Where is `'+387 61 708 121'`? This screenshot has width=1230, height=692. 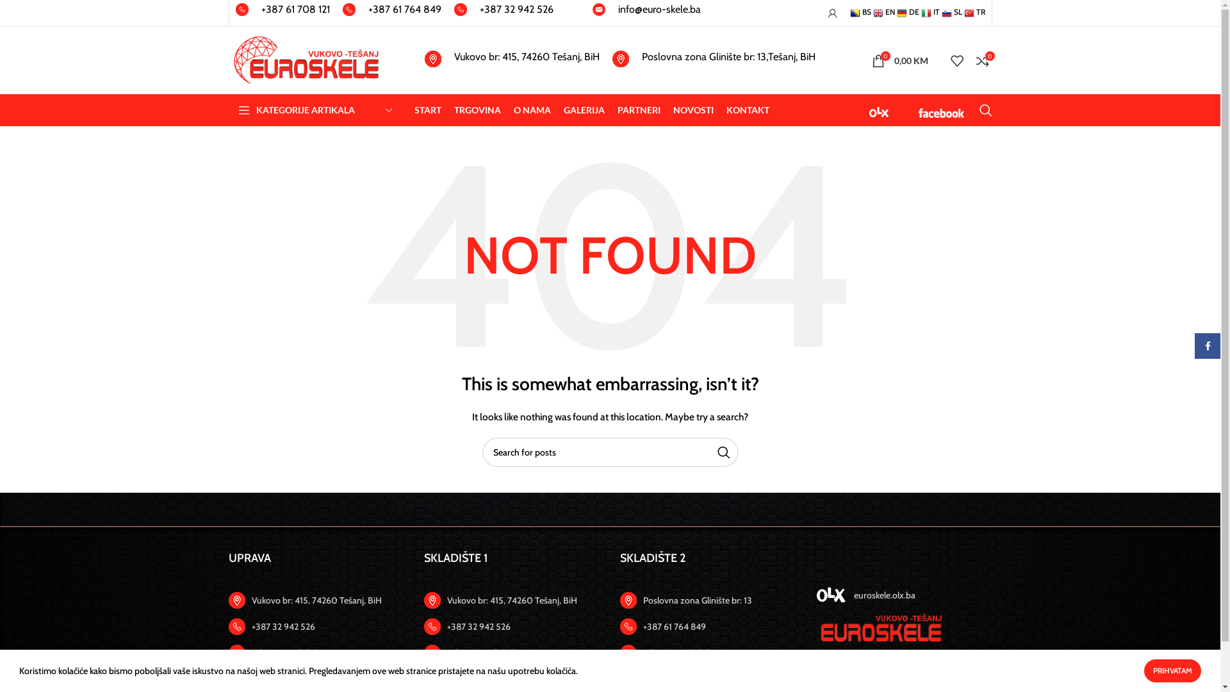 '+387 61 708 121' is located at coordinates (282, 13).